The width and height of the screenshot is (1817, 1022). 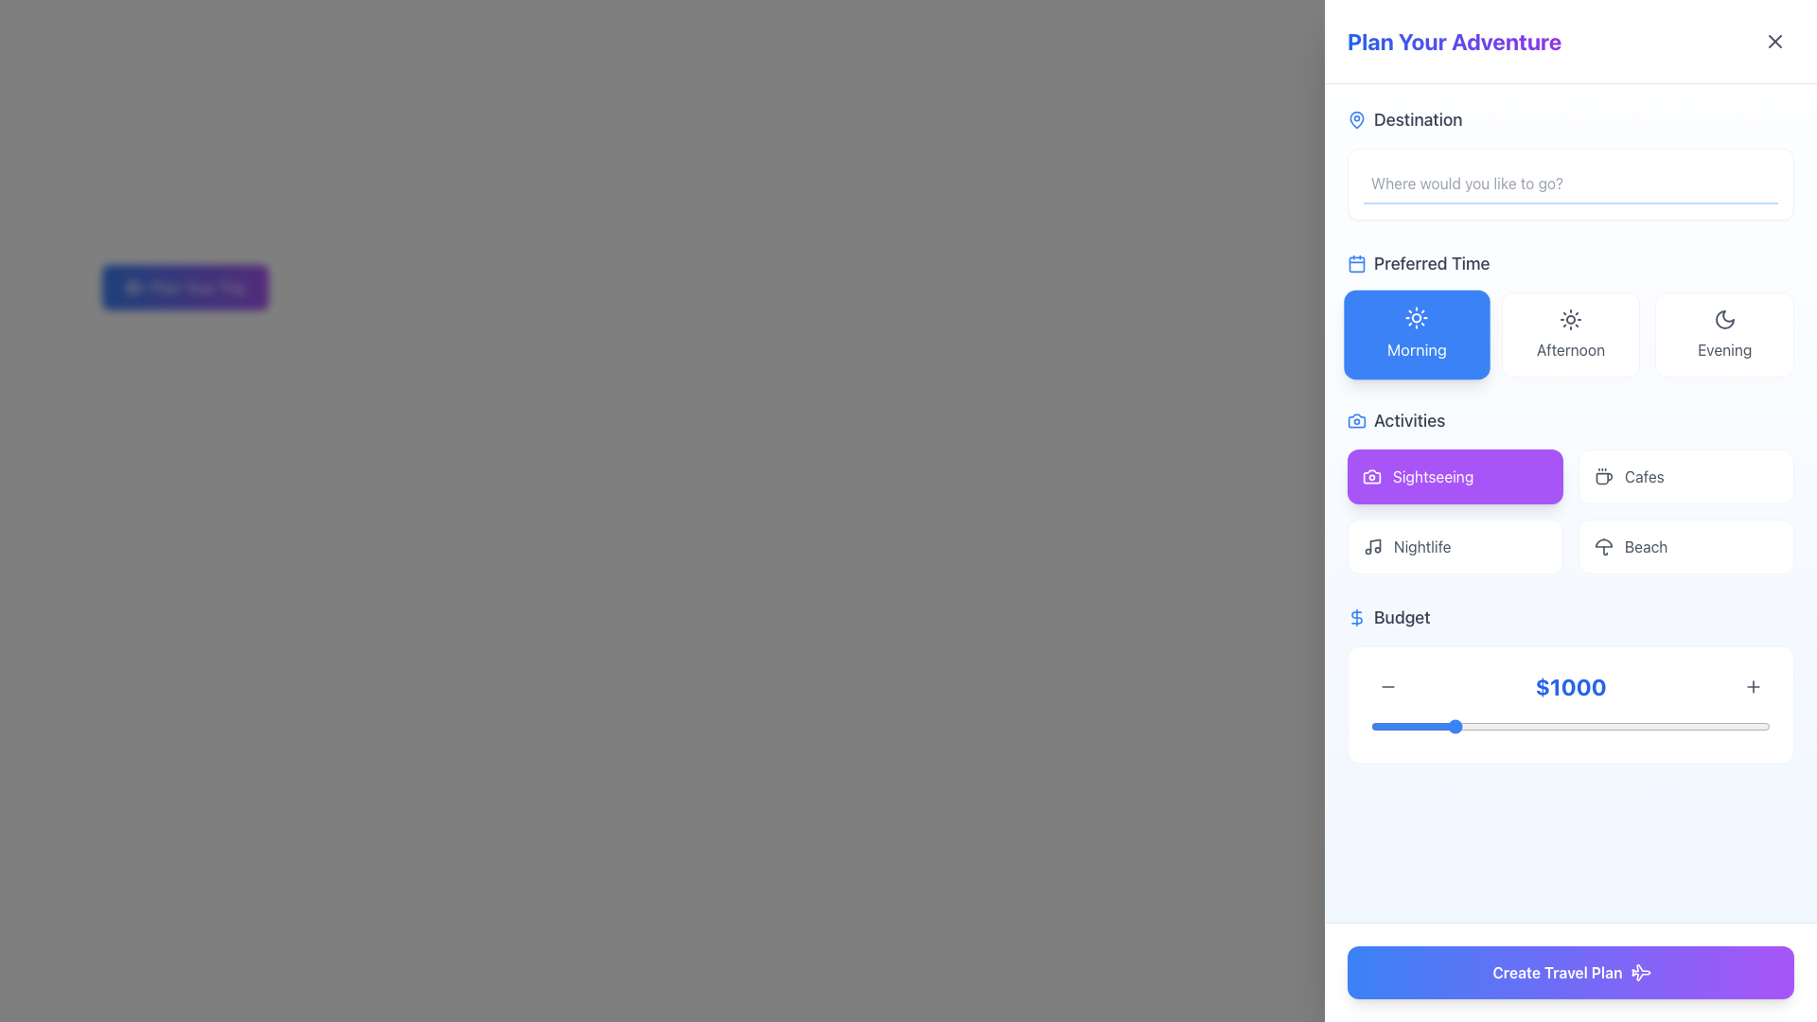 What do you see at coordinates (1409, 419) in the screenshot?
I see `the label that describes the group of activity selection buttons in the 'Preferred Time' section, positioned to the right of a camera icon and above activity categories like 'Sightseeing' and 'Cafes'` at bounding box center [1409, 419].